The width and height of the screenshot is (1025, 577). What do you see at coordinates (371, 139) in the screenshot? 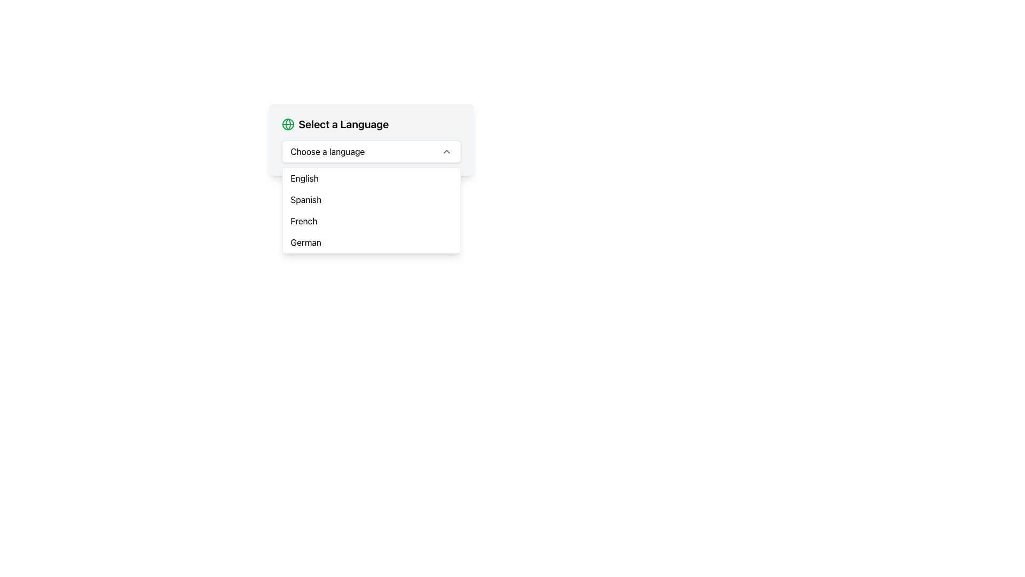
I see `the dropdown menu labeled 'Select a Language'` at bounding box center [371, 139].